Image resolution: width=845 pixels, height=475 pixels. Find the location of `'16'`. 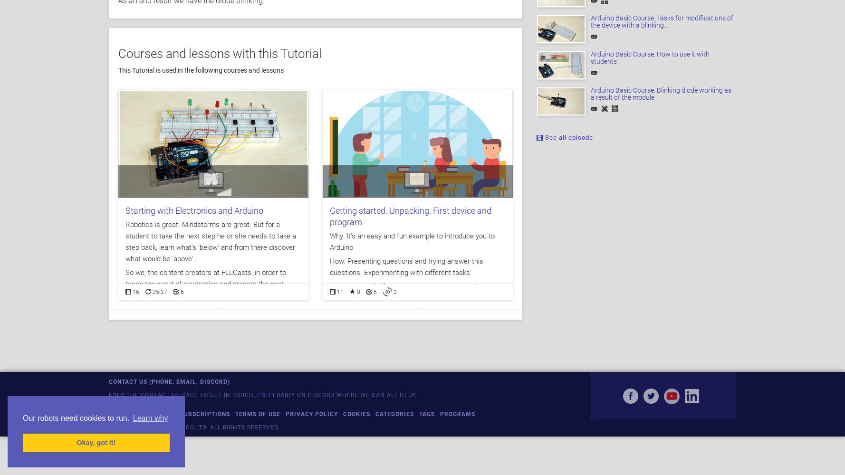

'16' is located at coordinates (135, 291).